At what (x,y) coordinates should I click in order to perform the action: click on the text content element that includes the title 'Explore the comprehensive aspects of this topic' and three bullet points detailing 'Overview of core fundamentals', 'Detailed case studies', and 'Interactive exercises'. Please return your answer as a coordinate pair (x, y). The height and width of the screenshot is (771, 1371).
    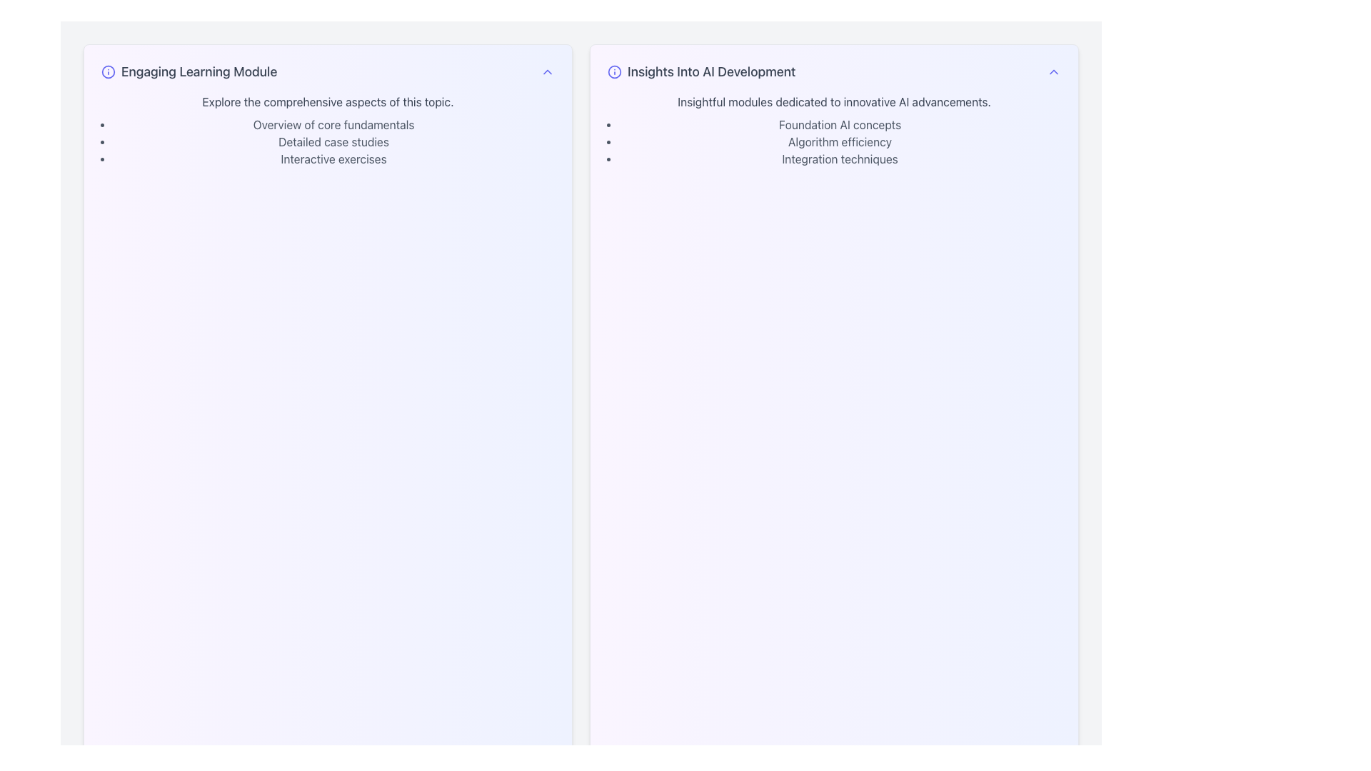
    Looking at the image, I should click on (327, 130).